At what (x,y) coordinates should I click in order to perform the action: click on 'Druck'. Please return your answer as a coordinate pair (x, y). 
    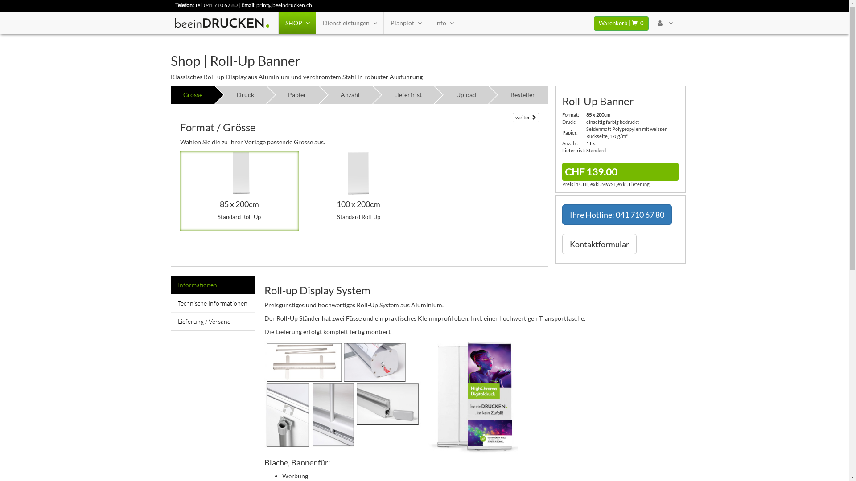
    Looking at the image, I should click on (245, 94).